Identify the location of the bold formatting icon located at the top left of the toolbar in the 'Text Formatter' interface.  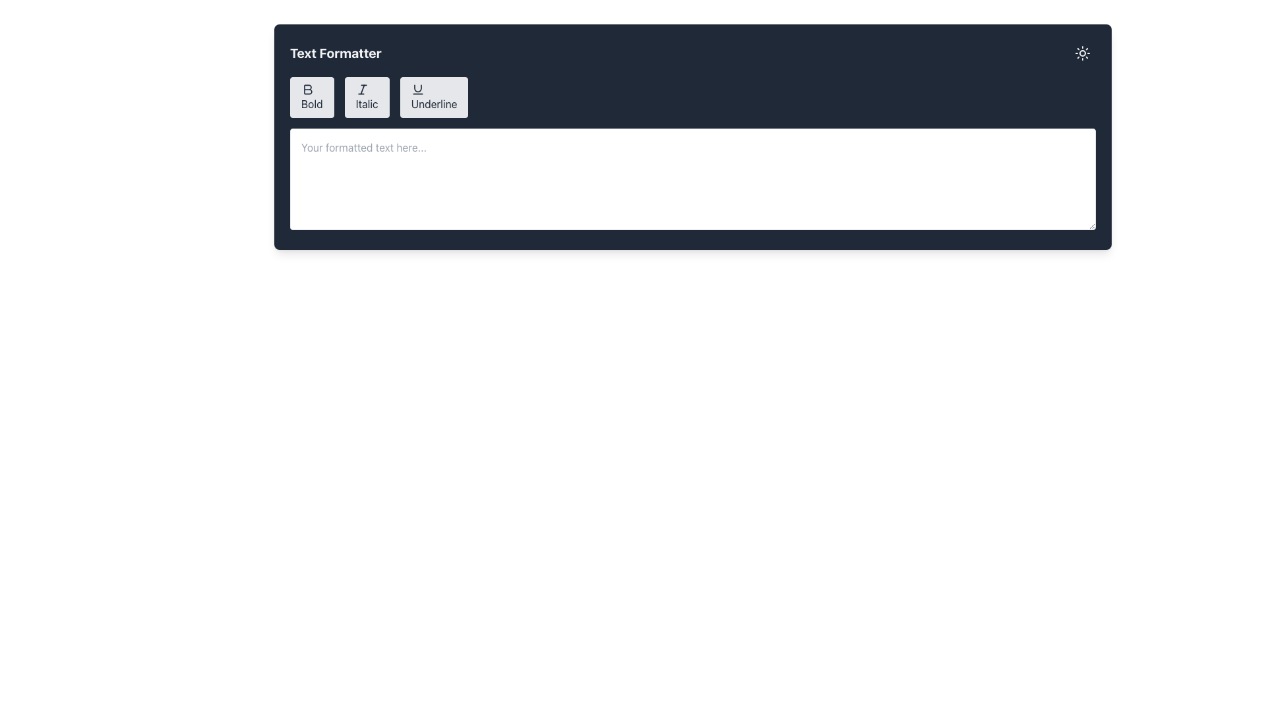
(307, 89).